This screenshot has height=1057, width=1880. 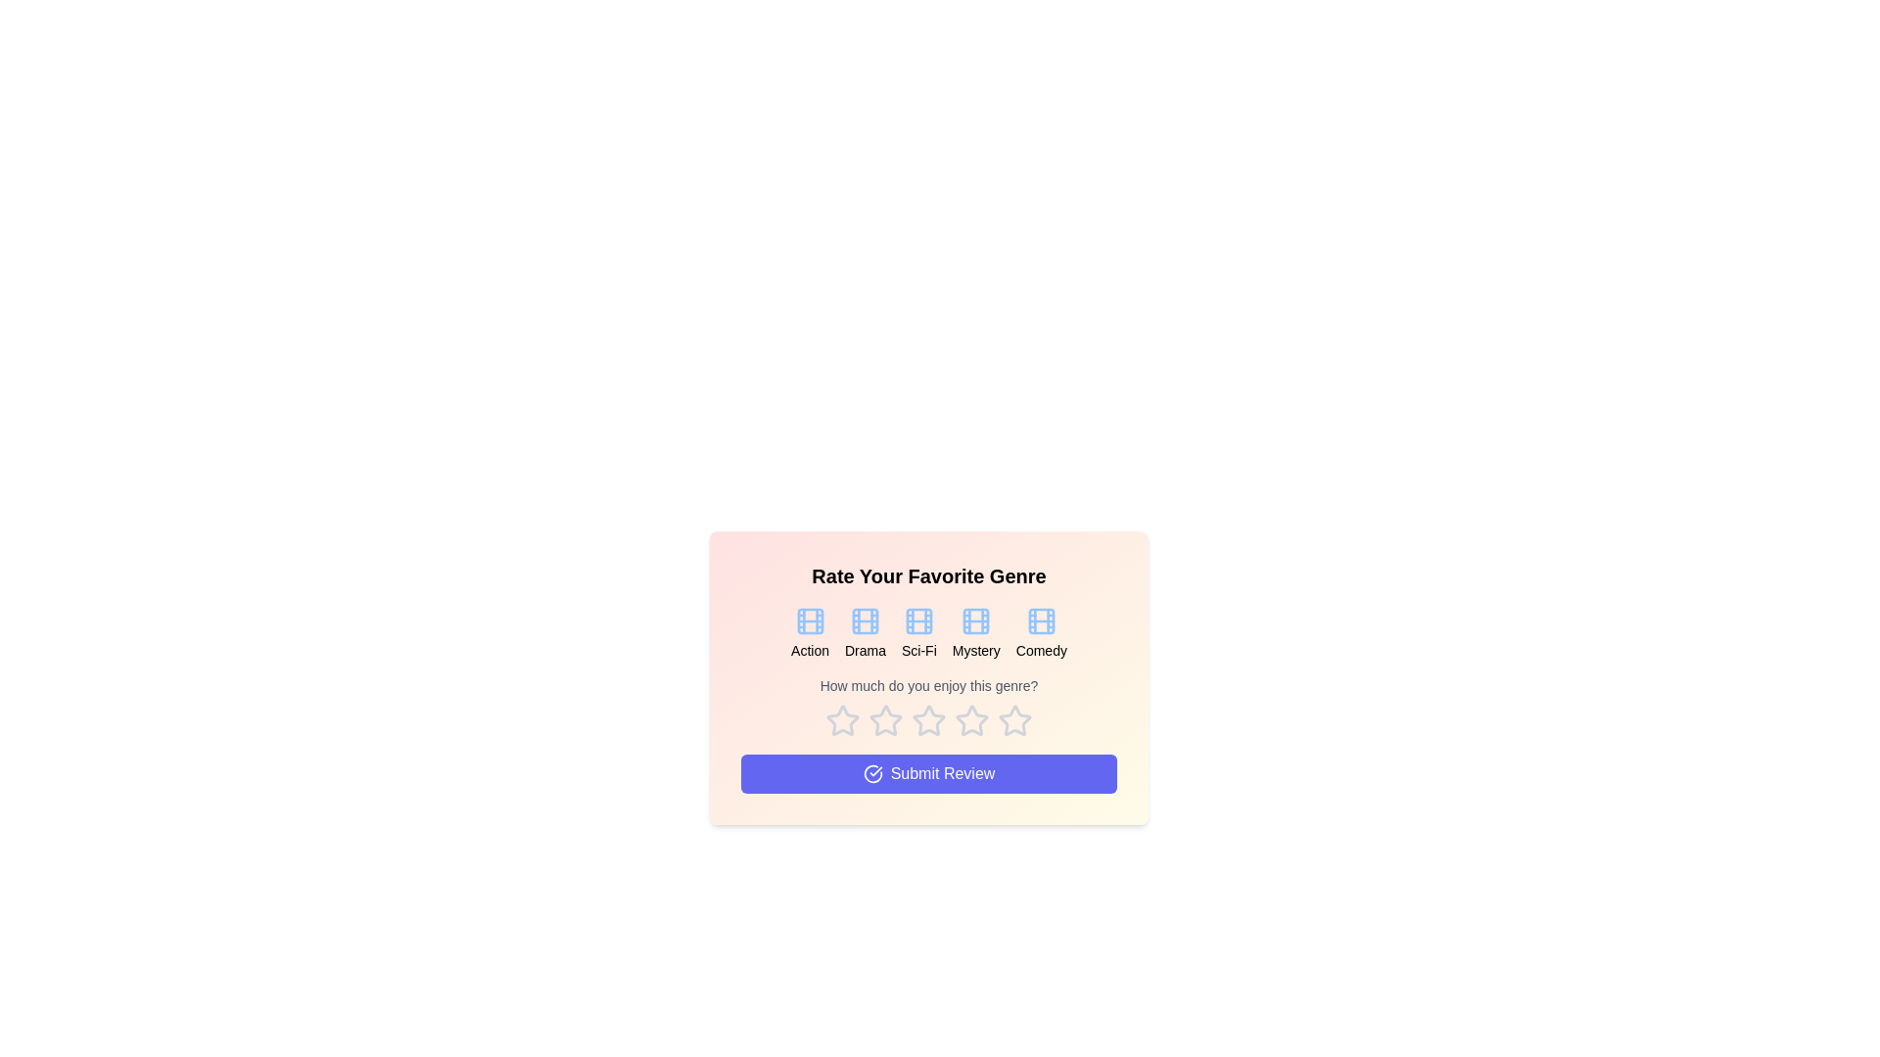 I want to click on the star corresponding to 4 stars to preview the rating, so click(x=972, y=720).